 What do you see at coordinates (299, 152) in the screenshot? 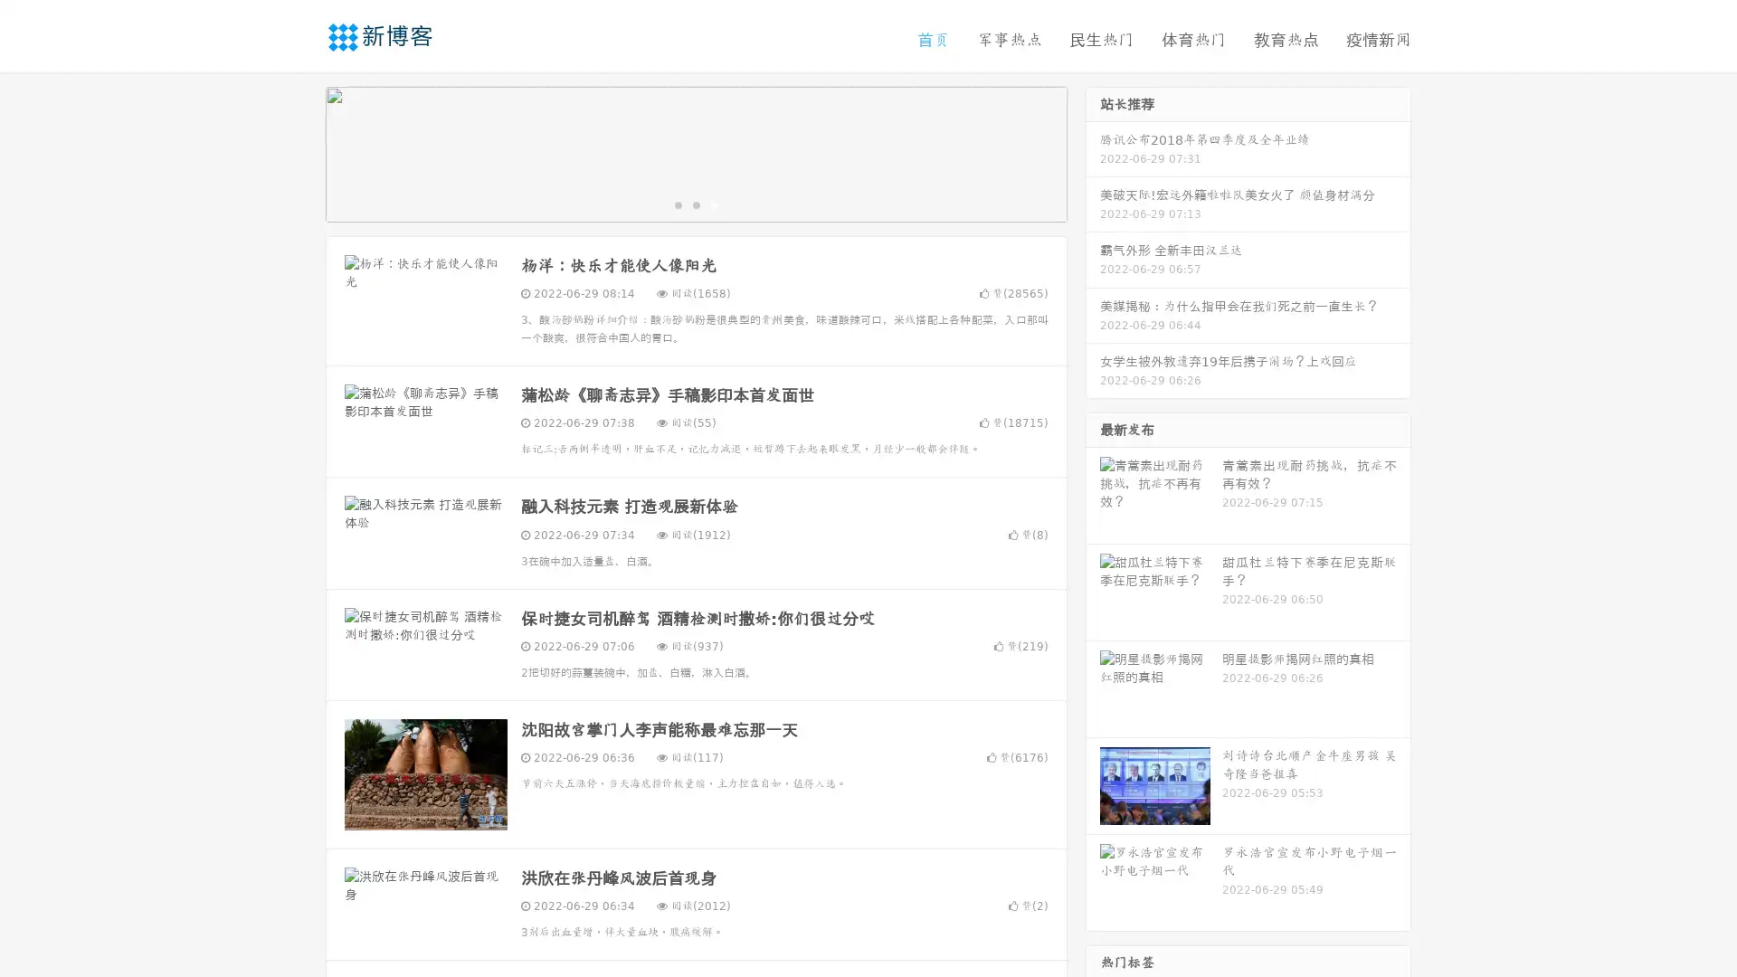
I see `Previous slide` at bounding box center [299, 152].